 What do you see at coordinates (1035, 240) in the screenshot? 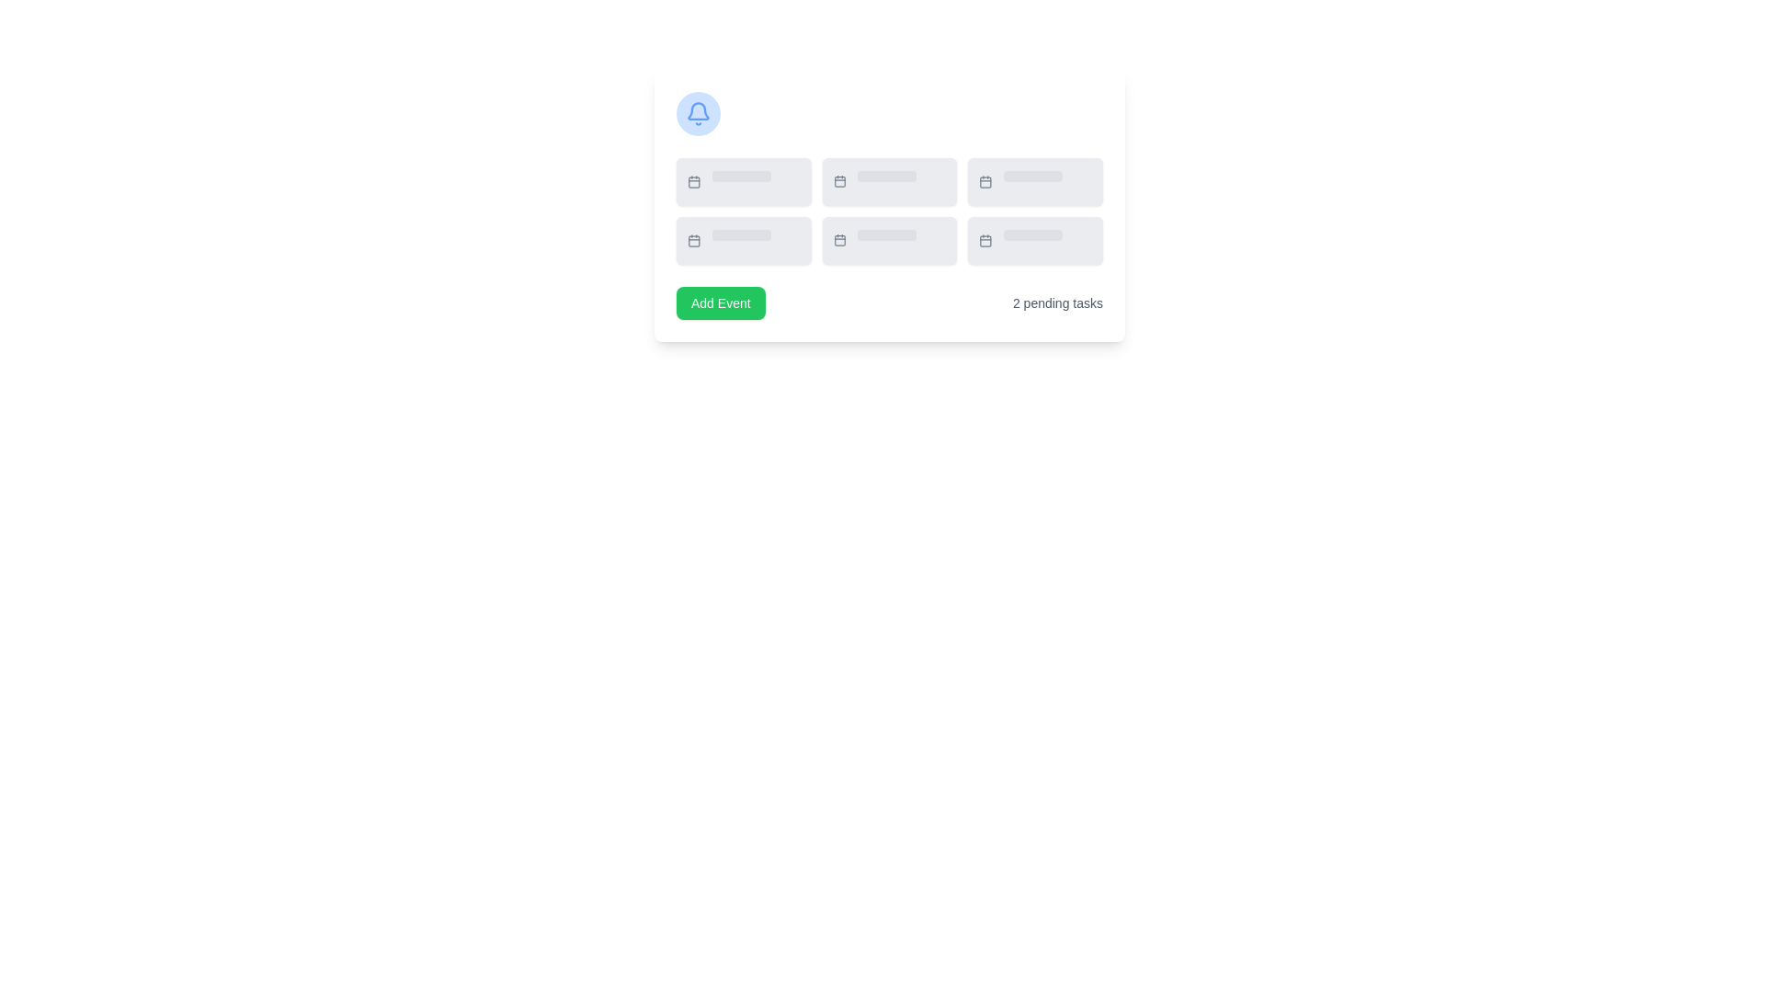
I see `the non-interactive placeholder component located at the bottom-right corner of the second row in a 3x2 grid layout` at bounding box center [1035, 240].